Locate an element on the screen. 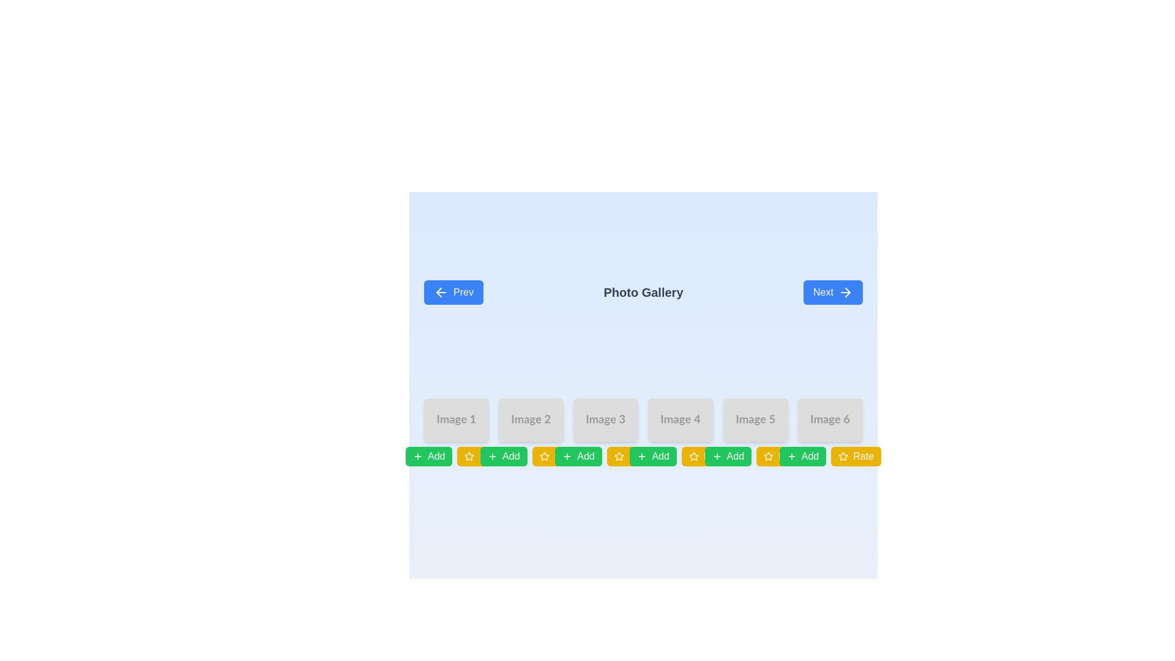  the fifth star icon in the gallery is located at coordinates (768, 456).